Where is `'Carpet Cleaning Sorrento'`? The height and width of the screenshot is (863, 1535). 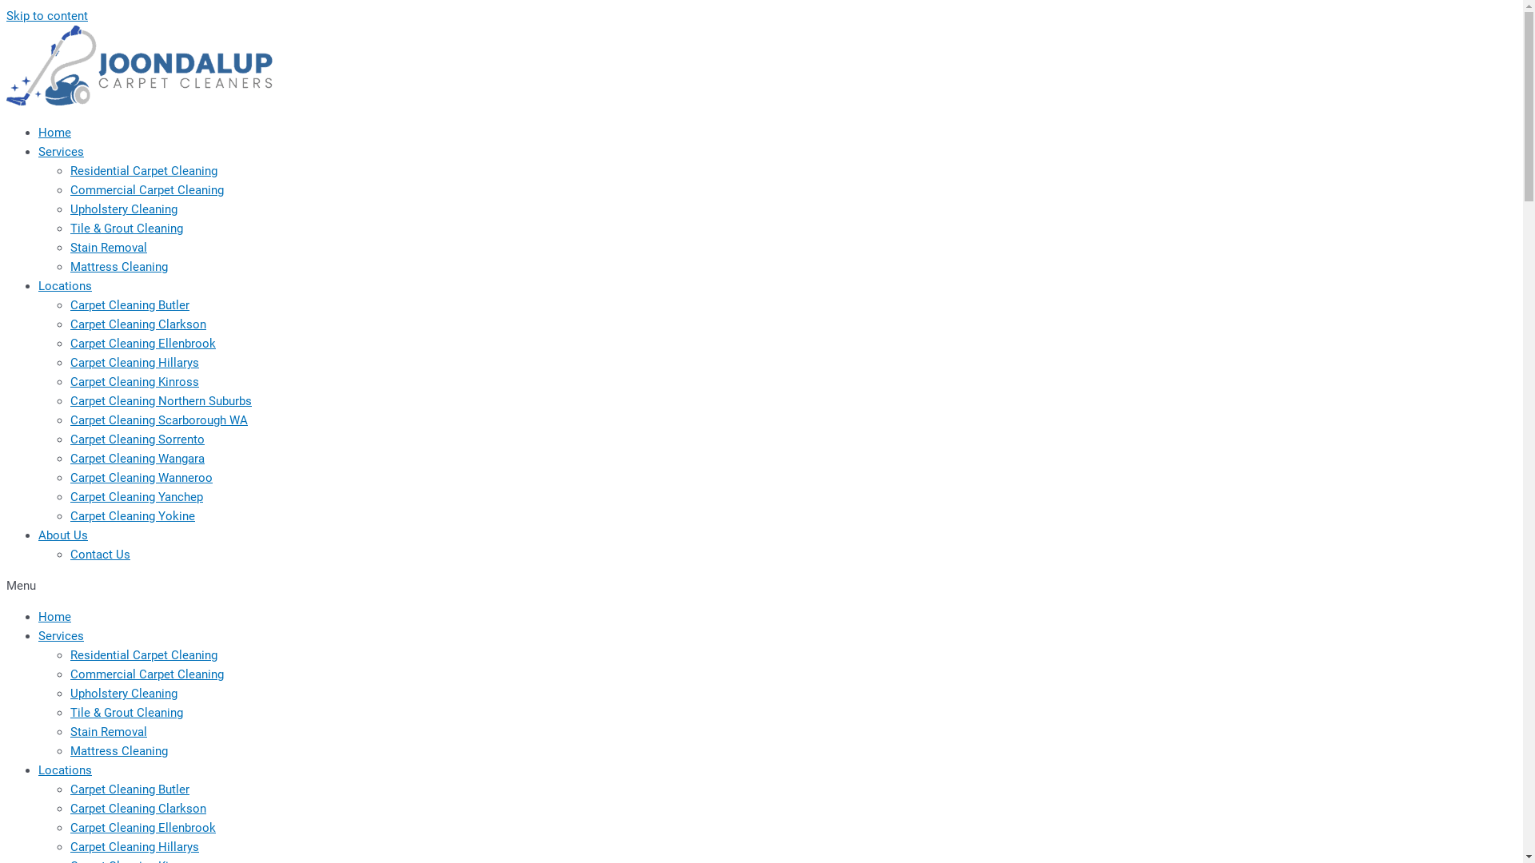
'Carpet Cleaning Sorrento' is located at coordinates (138, 439).